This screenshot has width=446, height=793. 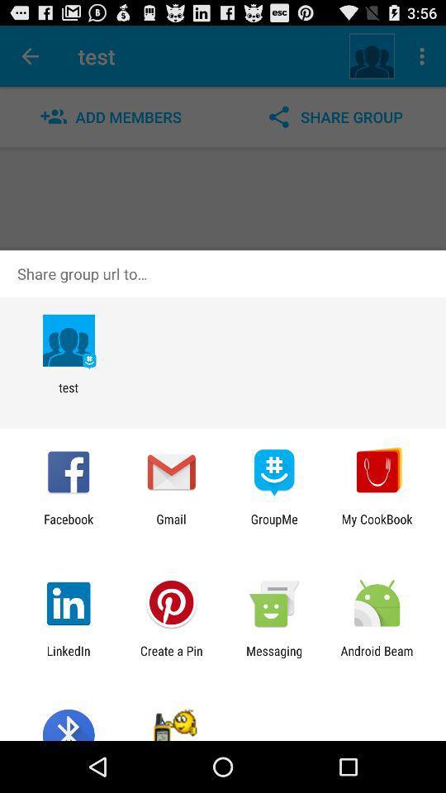 What do you see at coordinates (68, 395) in the screenshot?
I see `test app` at bounding box center [68, 395].